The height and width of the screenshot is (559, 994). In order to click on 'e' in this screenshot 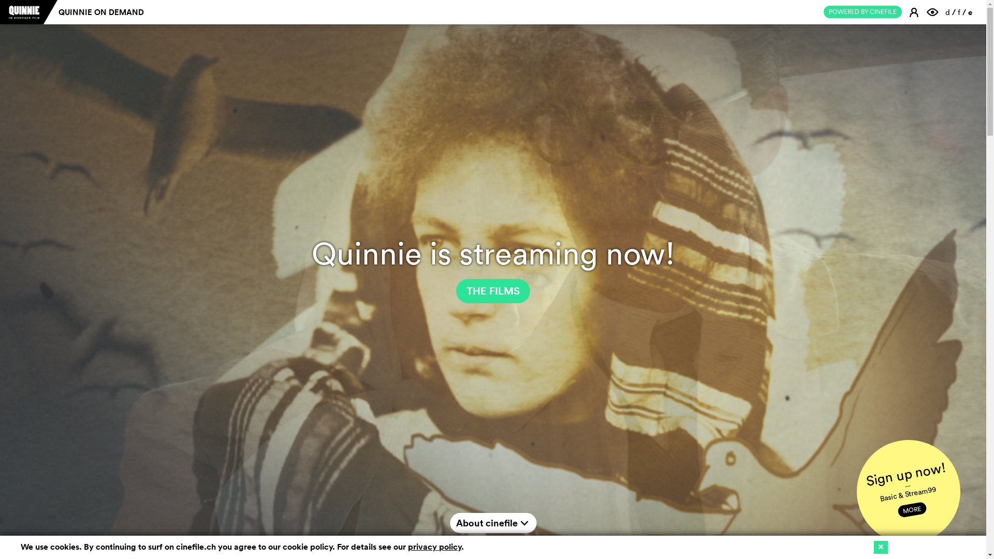, I will do `click(966, 12)`.